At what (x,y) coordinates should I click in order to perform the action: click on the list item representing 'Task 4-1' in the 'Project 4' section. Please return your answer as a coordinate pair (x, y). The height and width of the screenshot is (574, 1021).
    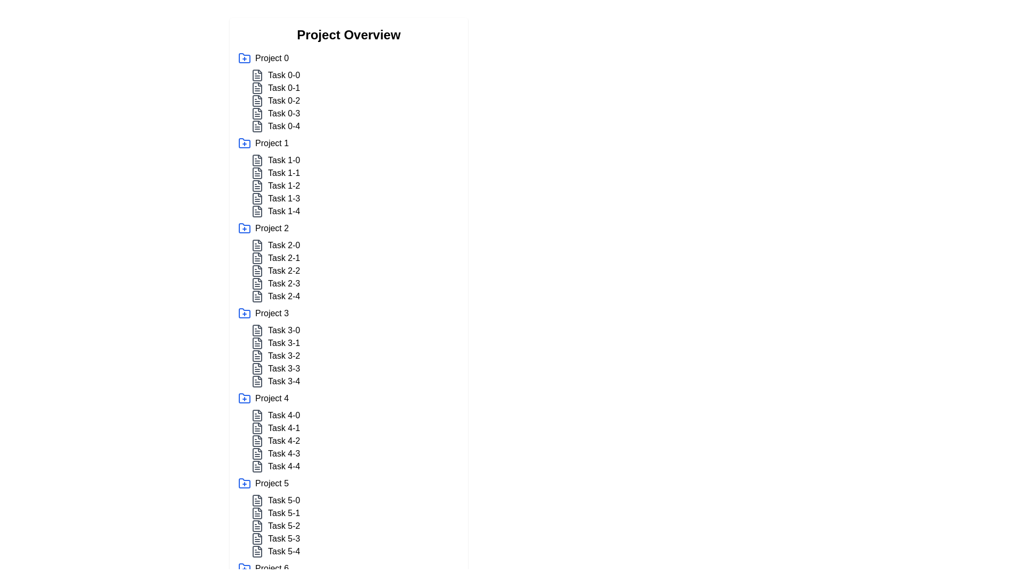
    Looking at the image, I should click on (355, 428).